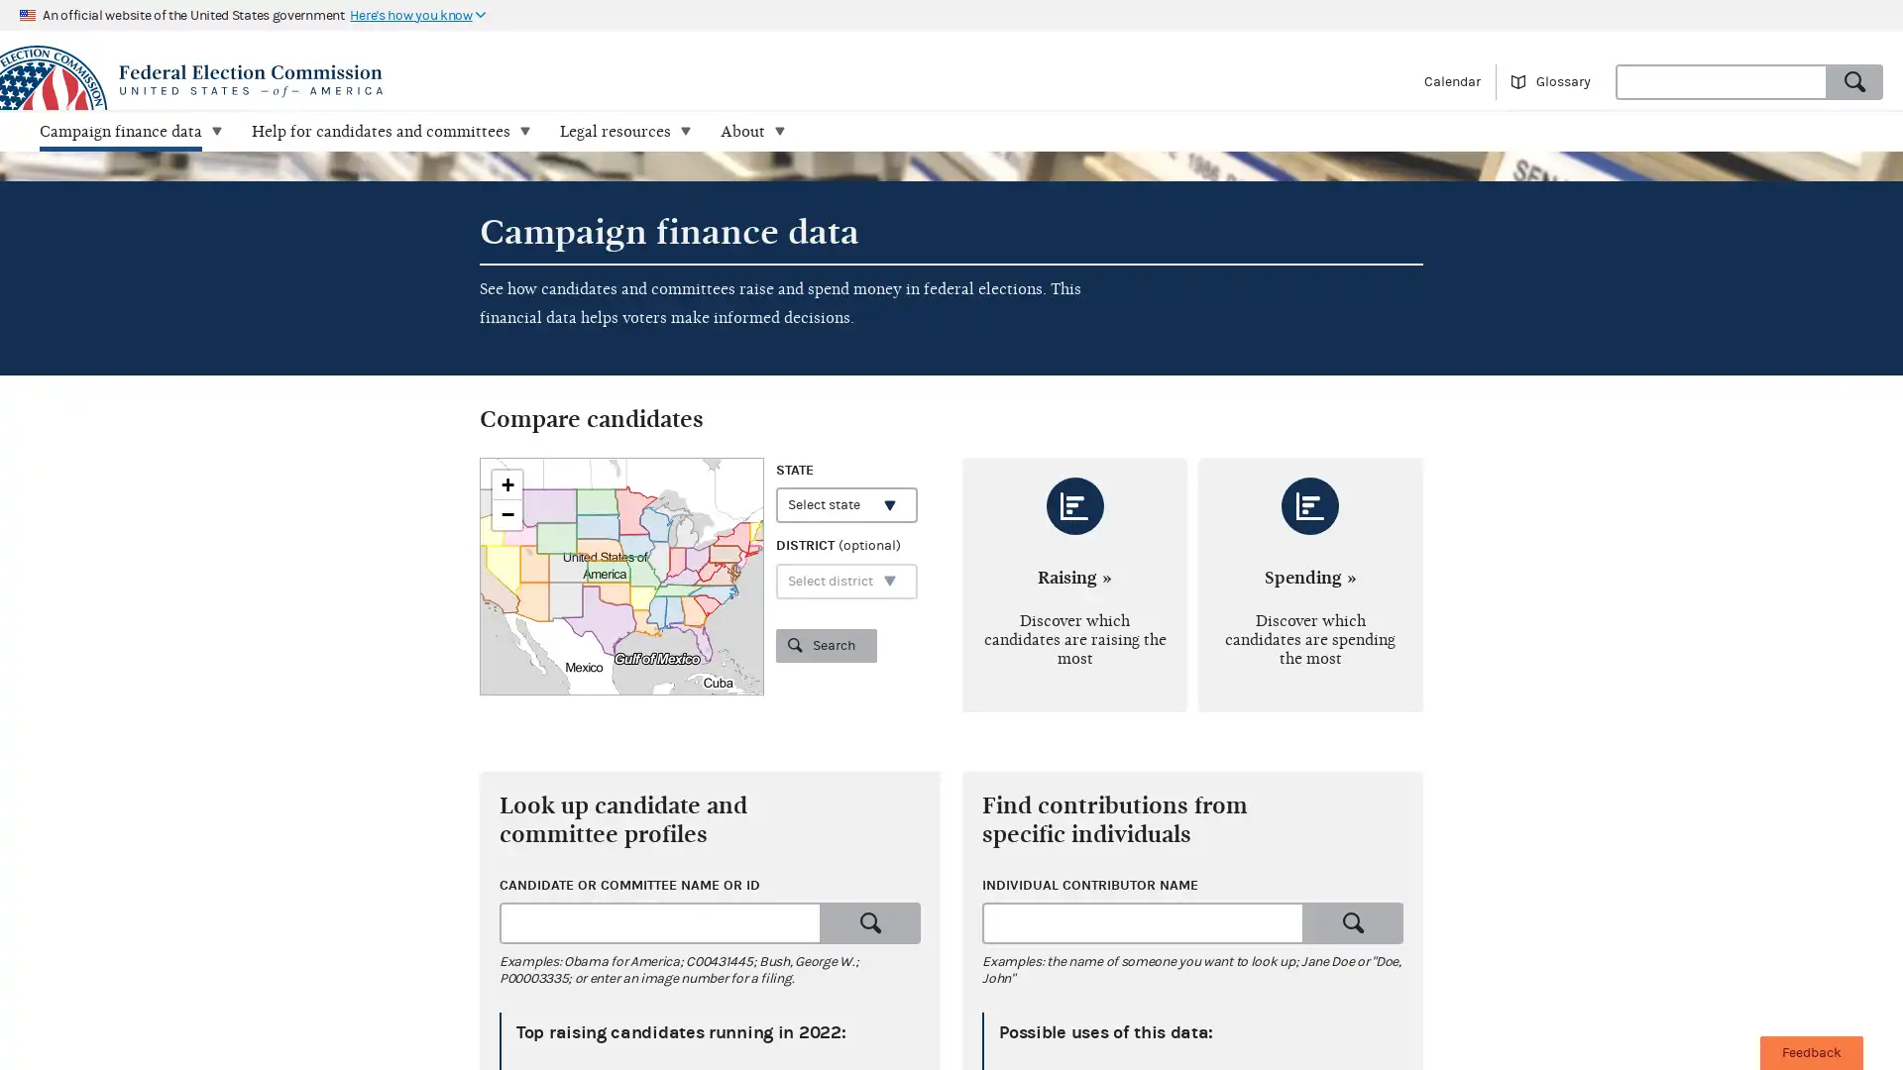 The image size is (1903, 1070). Describe the element at coordinates (507, 484) in the screenshot. I see `Zoom in` at that location.